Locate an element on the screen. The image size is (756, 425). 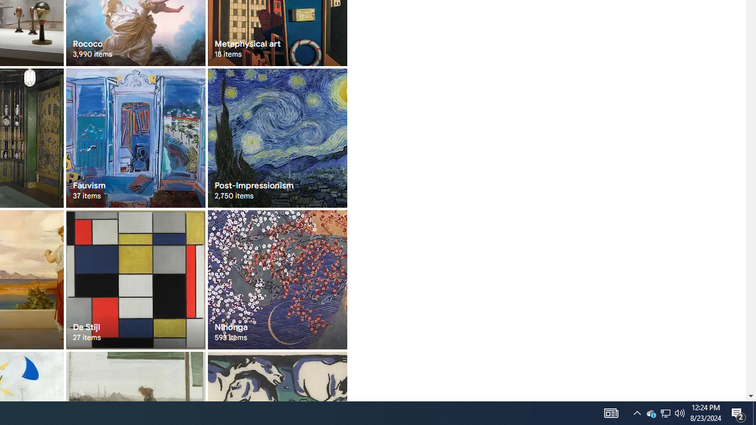
'De Stijl 27 items' is located at coordinates (135, 279).